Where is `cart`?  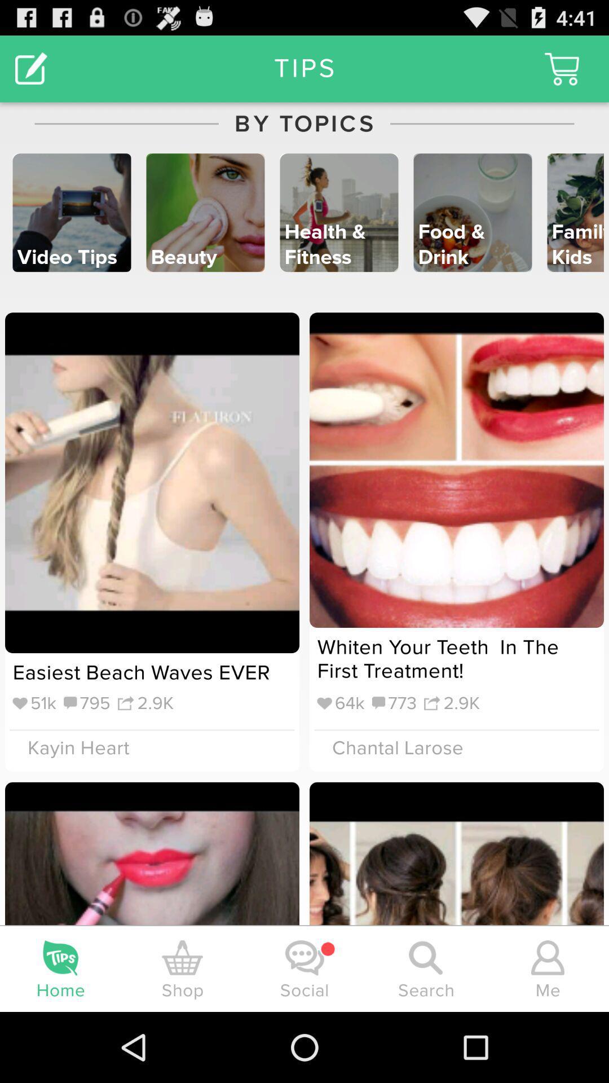 cart is located at coordinates (562, 68).